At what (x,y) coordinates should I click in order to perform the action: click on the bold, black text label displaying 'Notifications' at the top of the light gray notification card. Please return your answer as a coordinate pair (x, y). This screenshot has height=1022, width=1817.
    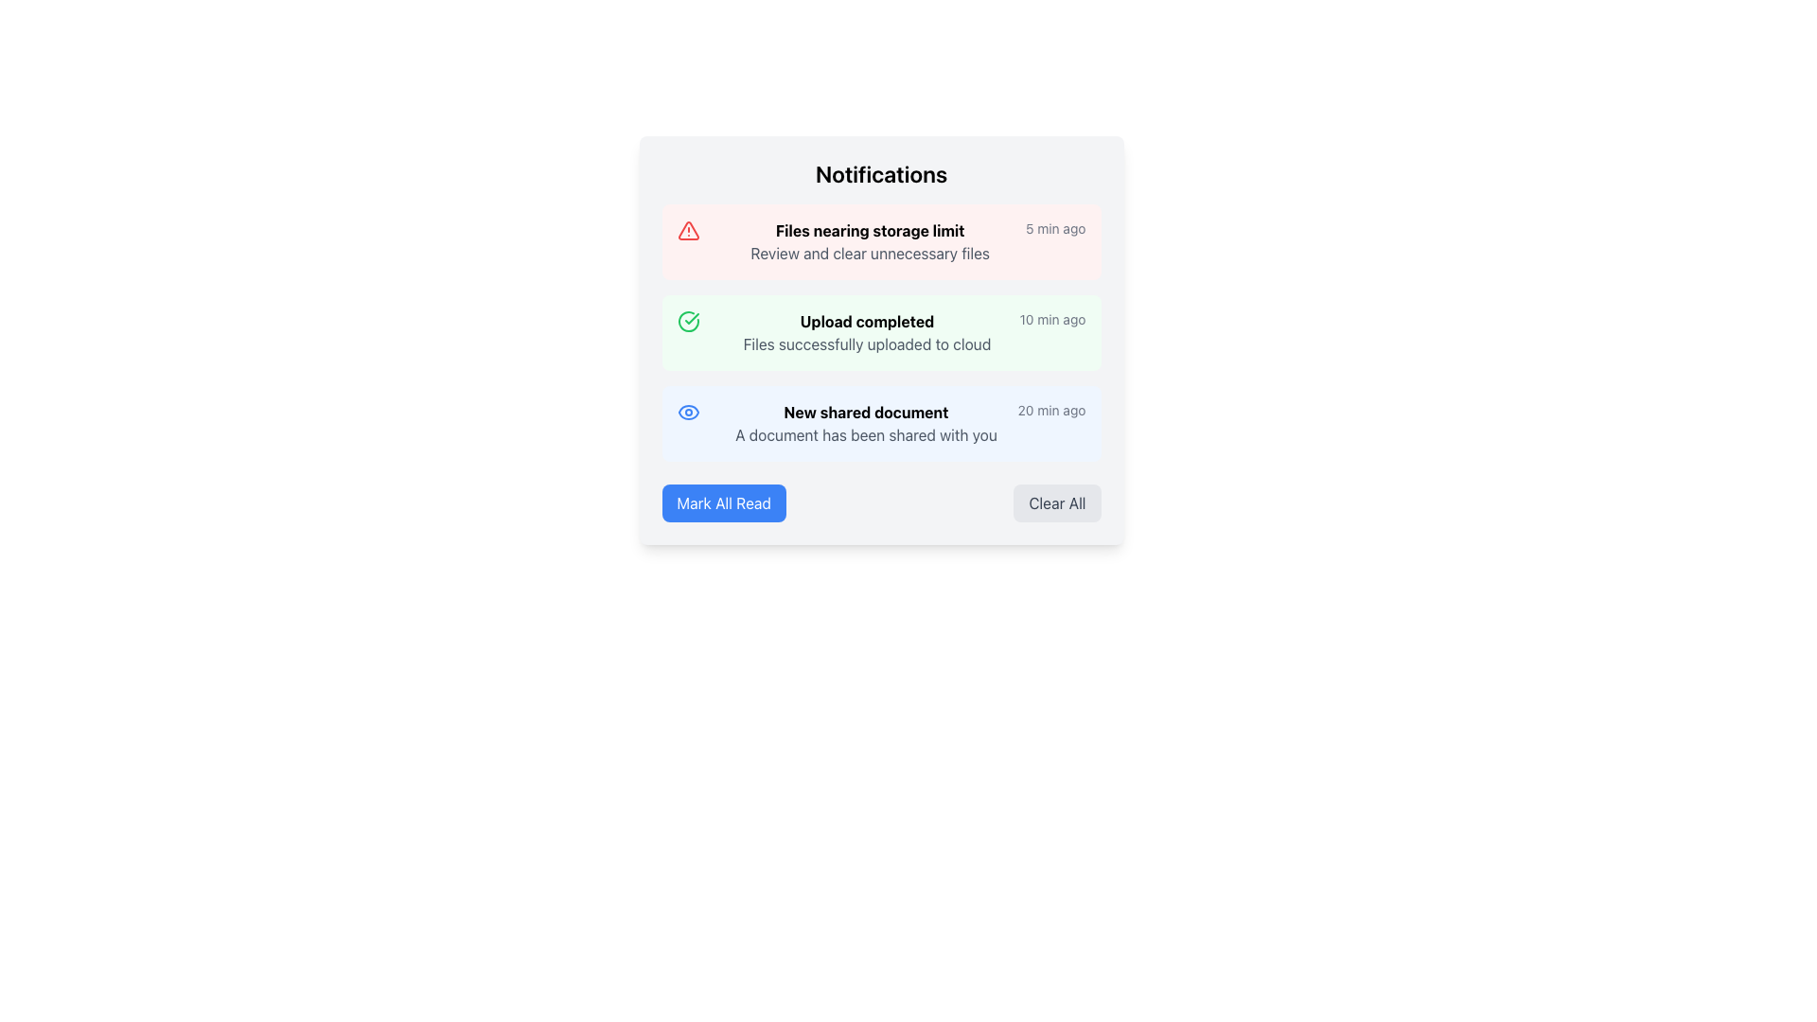
    Looking at the image, I should click on (880, 174).